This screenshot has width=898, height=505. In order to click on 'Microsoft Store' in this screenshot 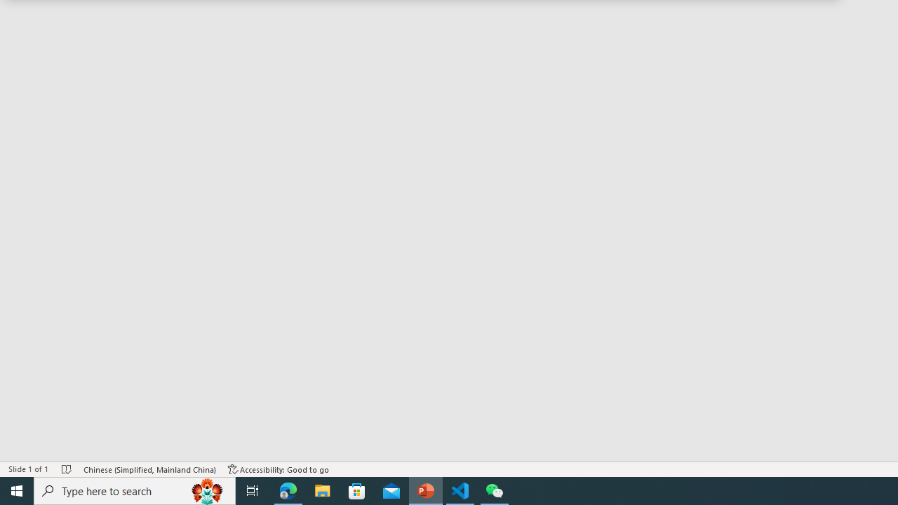, I will do `click(357, 490)`.